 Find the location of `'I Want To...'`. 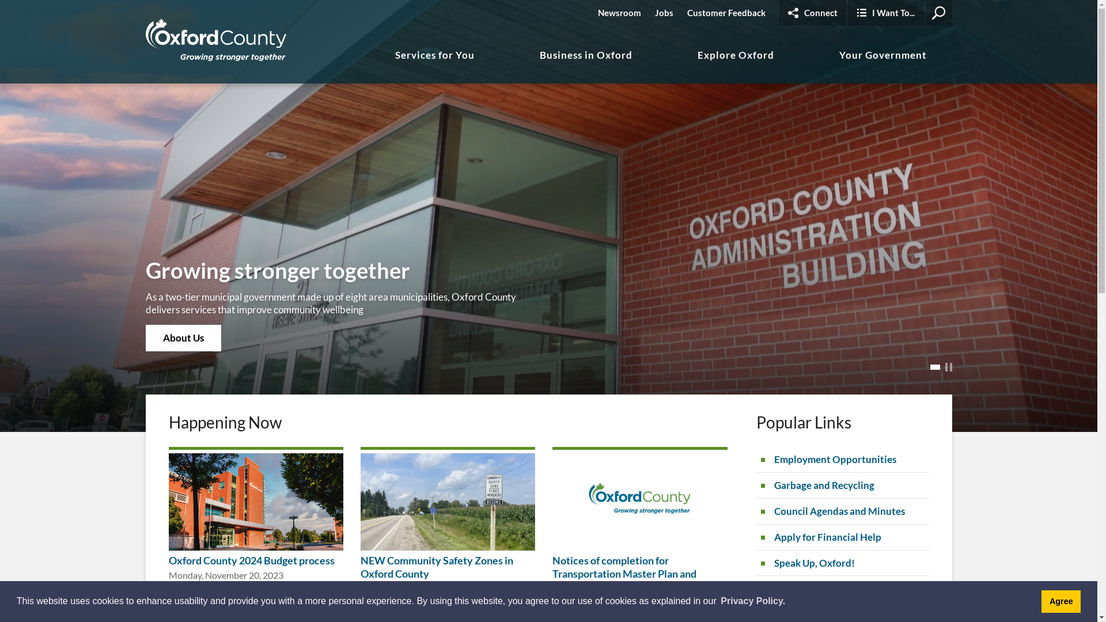

'I Want To...' is located at coordinates (885, 13).